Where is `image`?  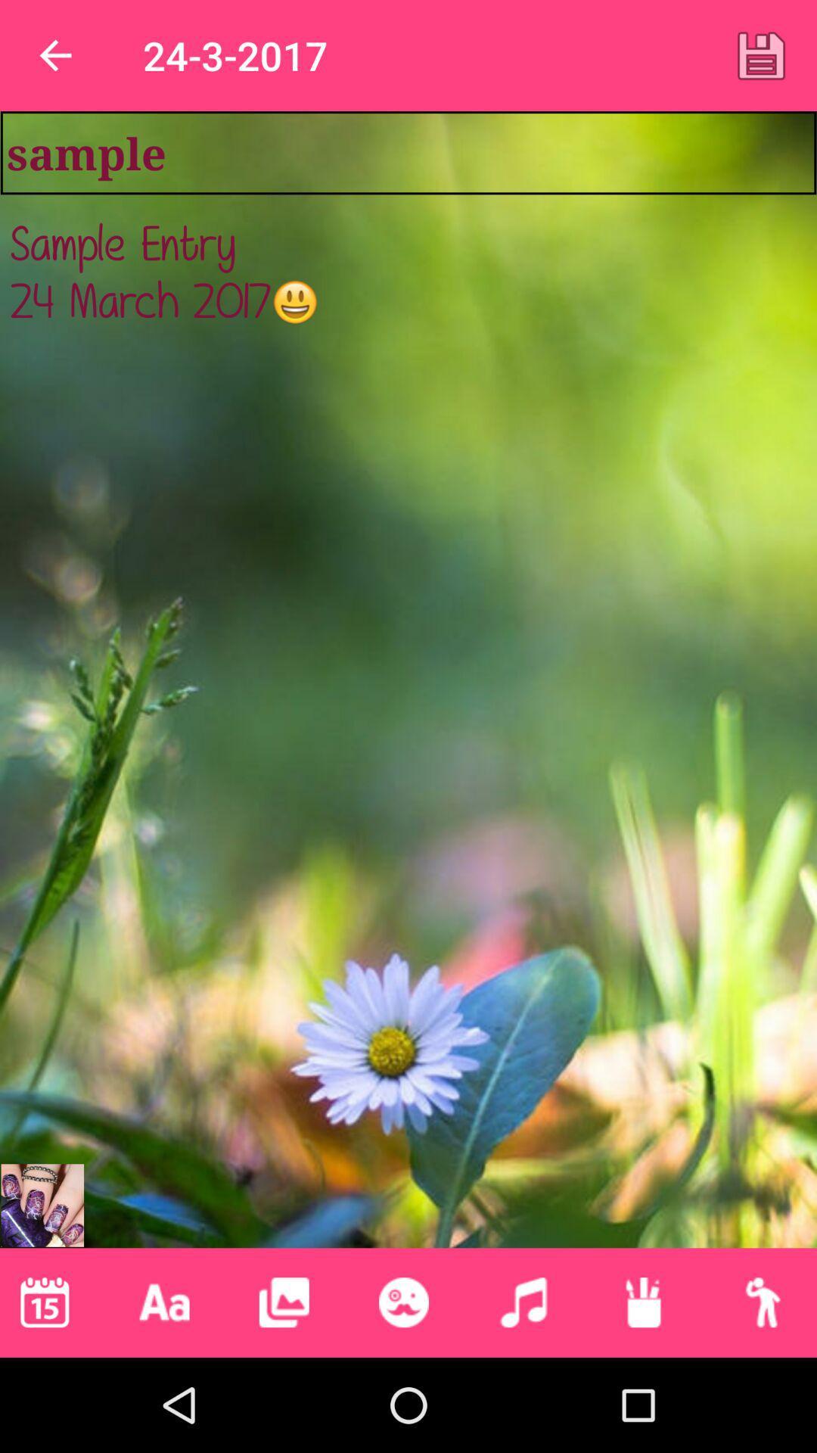
image is located at coordinates (761, 55).